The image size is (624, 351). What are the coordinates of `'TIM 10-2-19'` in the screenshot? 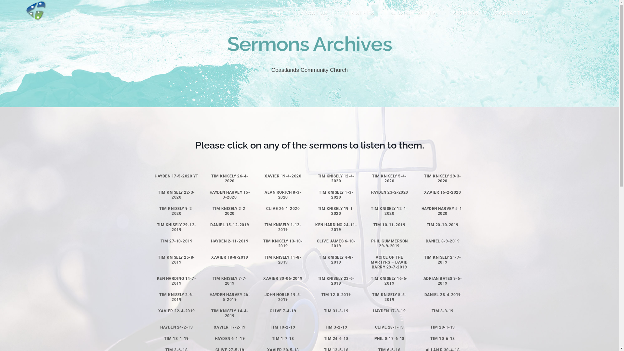 It's located at (283, 327).